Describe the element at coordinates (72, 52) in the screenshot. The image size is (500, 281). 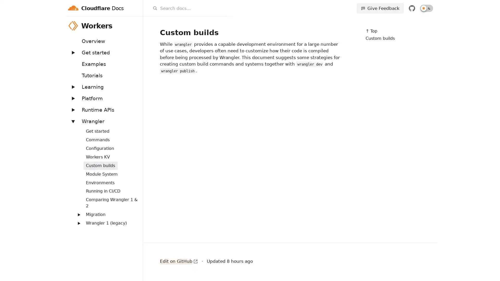
I see `Expand: Get started` at that location.